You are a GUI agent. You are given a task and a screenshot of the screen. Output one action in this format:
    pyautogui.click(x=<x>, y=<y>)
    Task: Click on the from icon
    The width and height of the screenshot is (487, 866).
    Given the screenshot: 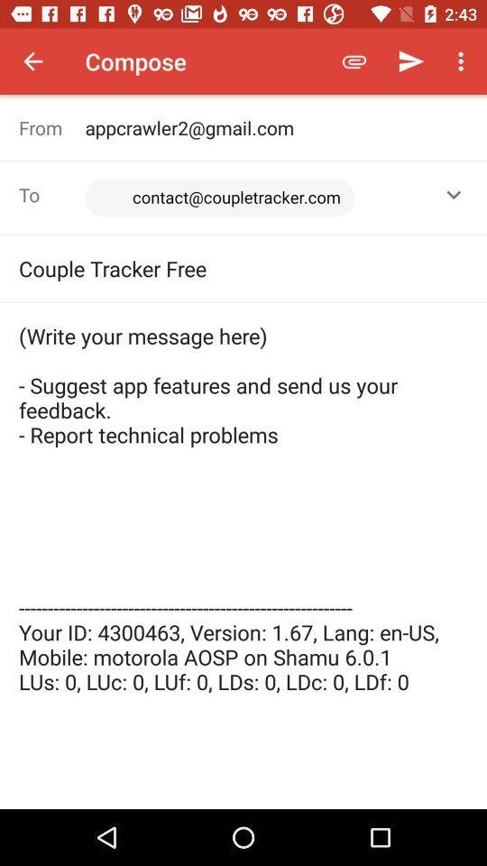 What is the action you would take?
    pyautogui.click(x=51, y=126)
    